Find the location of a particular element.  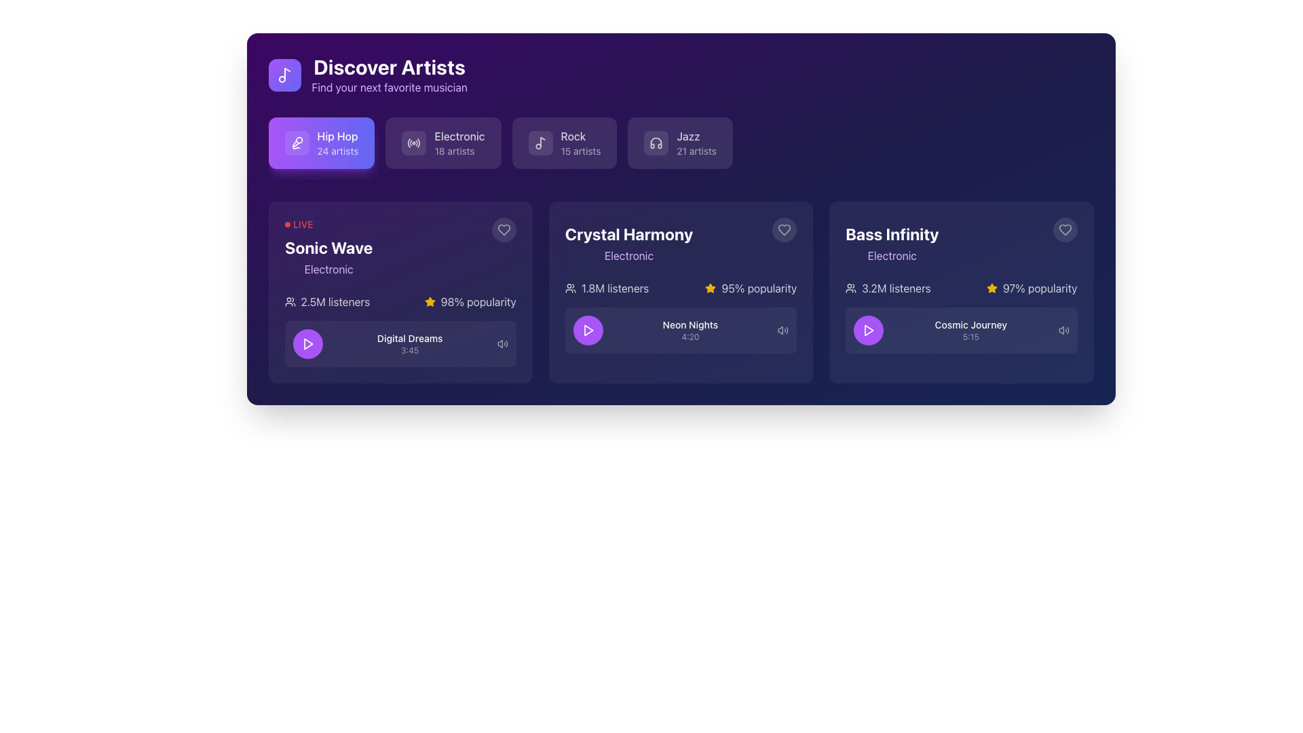

the Play button icon for 'Cosmic Journey' is located at coordinates (869, 330).